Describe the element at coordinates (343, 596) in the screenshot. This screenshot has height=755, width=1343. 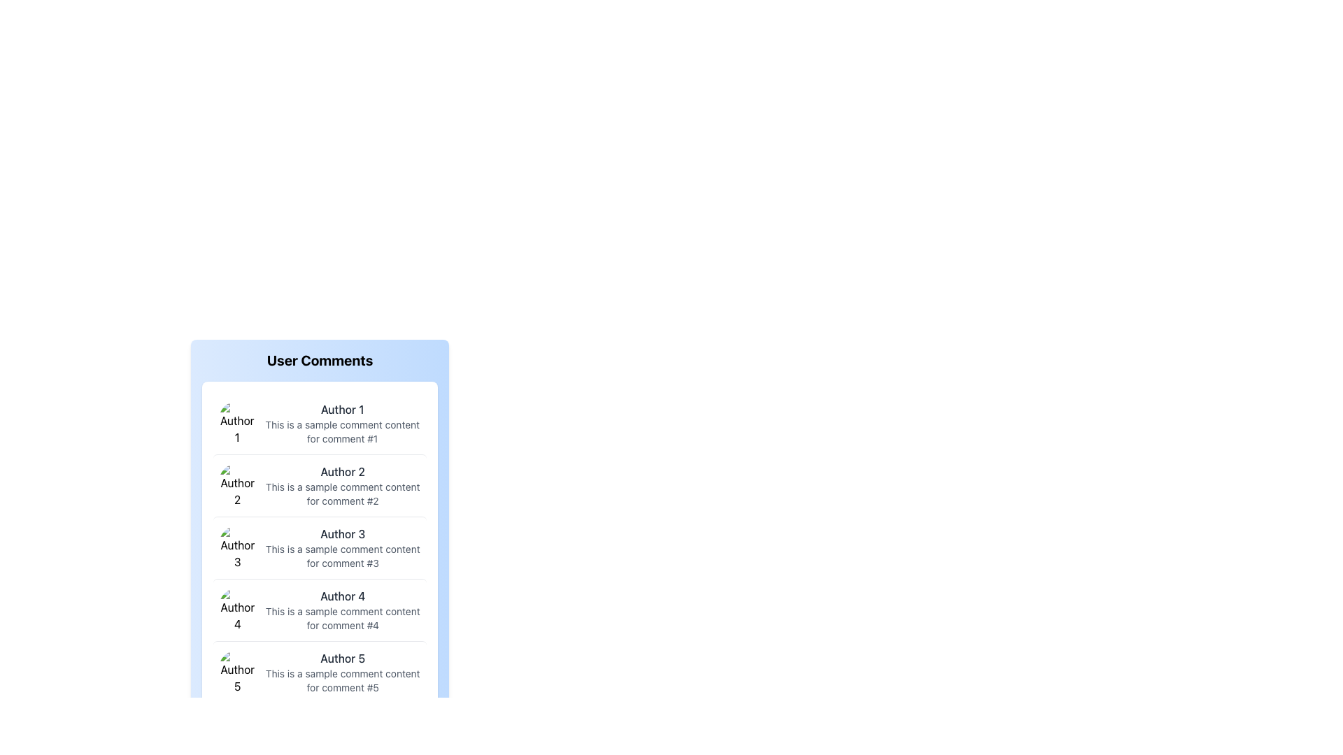
I see `the text label 'Author 4' which is styled with a medium-weight font in dark gray, positioned at the top of a comment section for comment #4` at that location.